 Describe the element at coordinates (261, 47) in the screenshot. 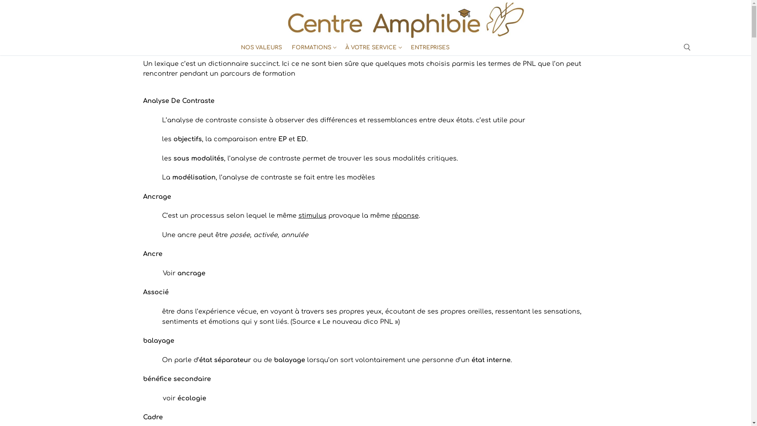

I see `'NOS VALEURS'` at that location.